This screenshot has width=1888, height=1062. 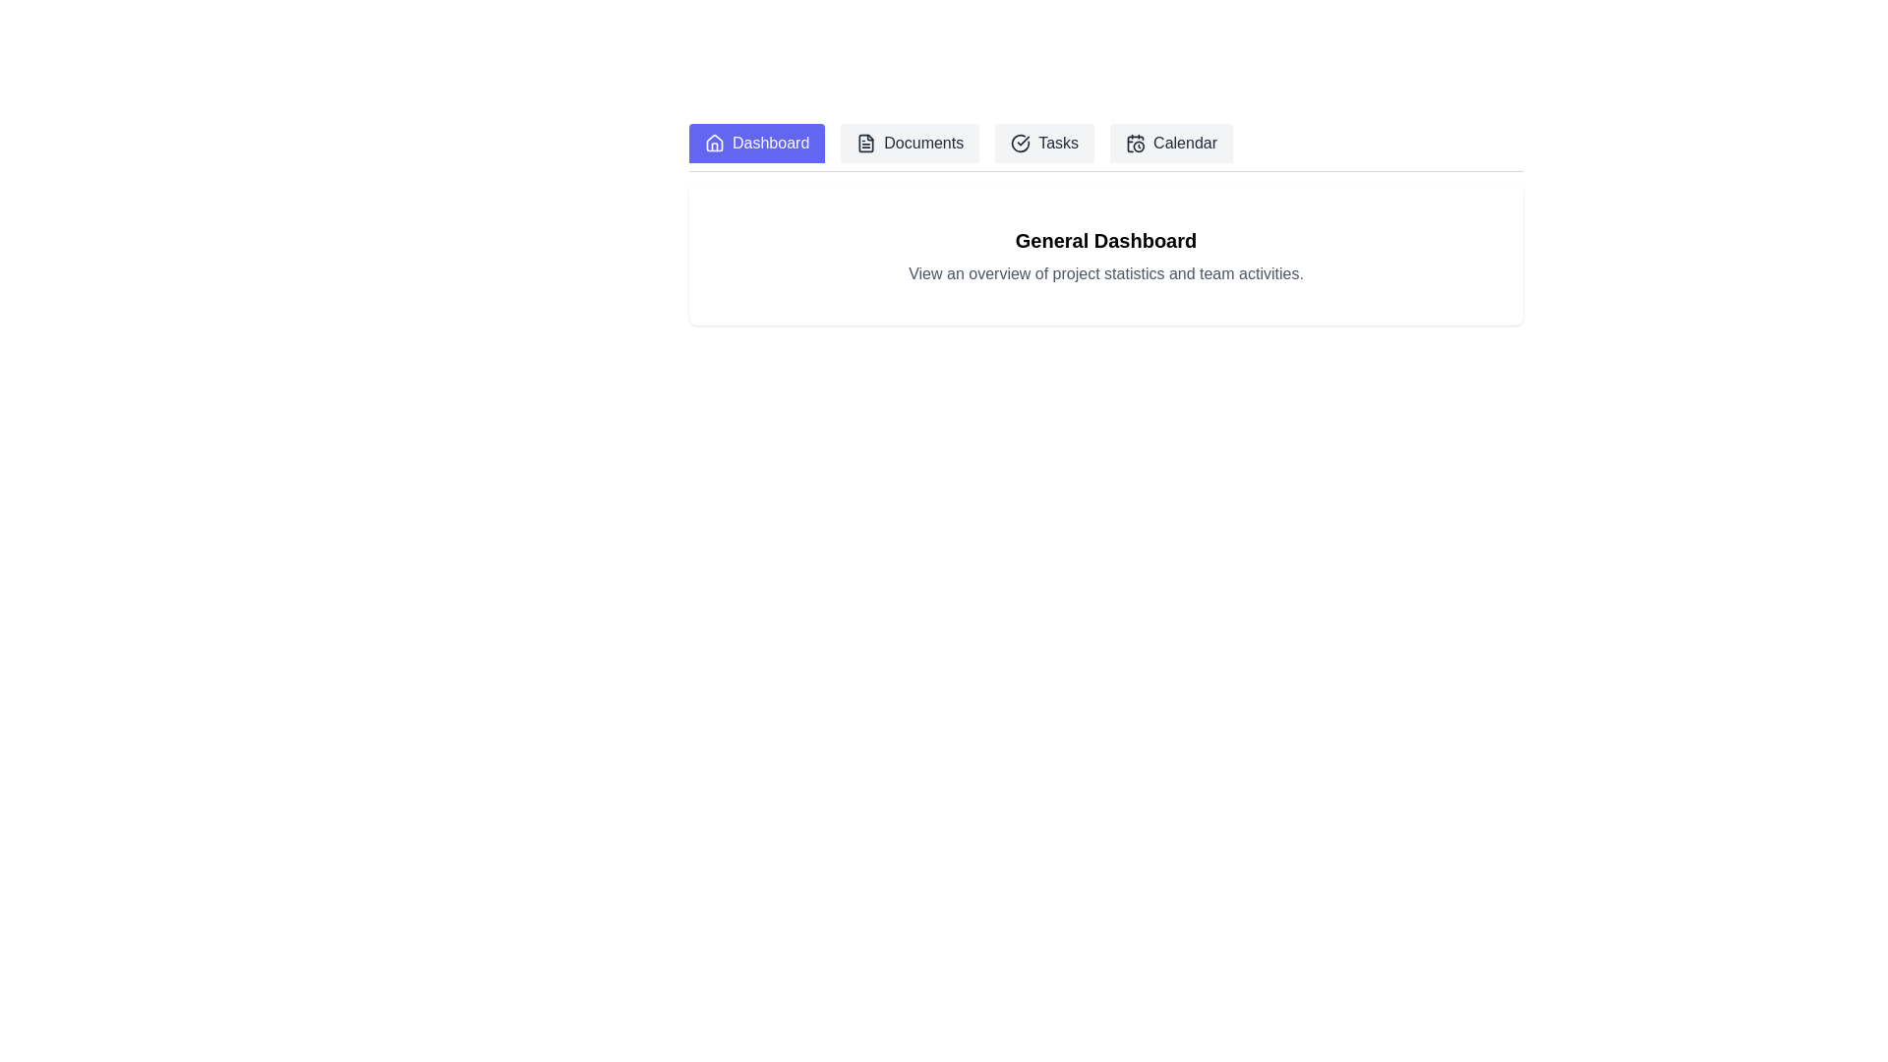 I want to click on the 'Dashboard' tab in the navigation bar for visual feedback, which is styled with a purple background indicating its active state, so click(x=1105, y=147).